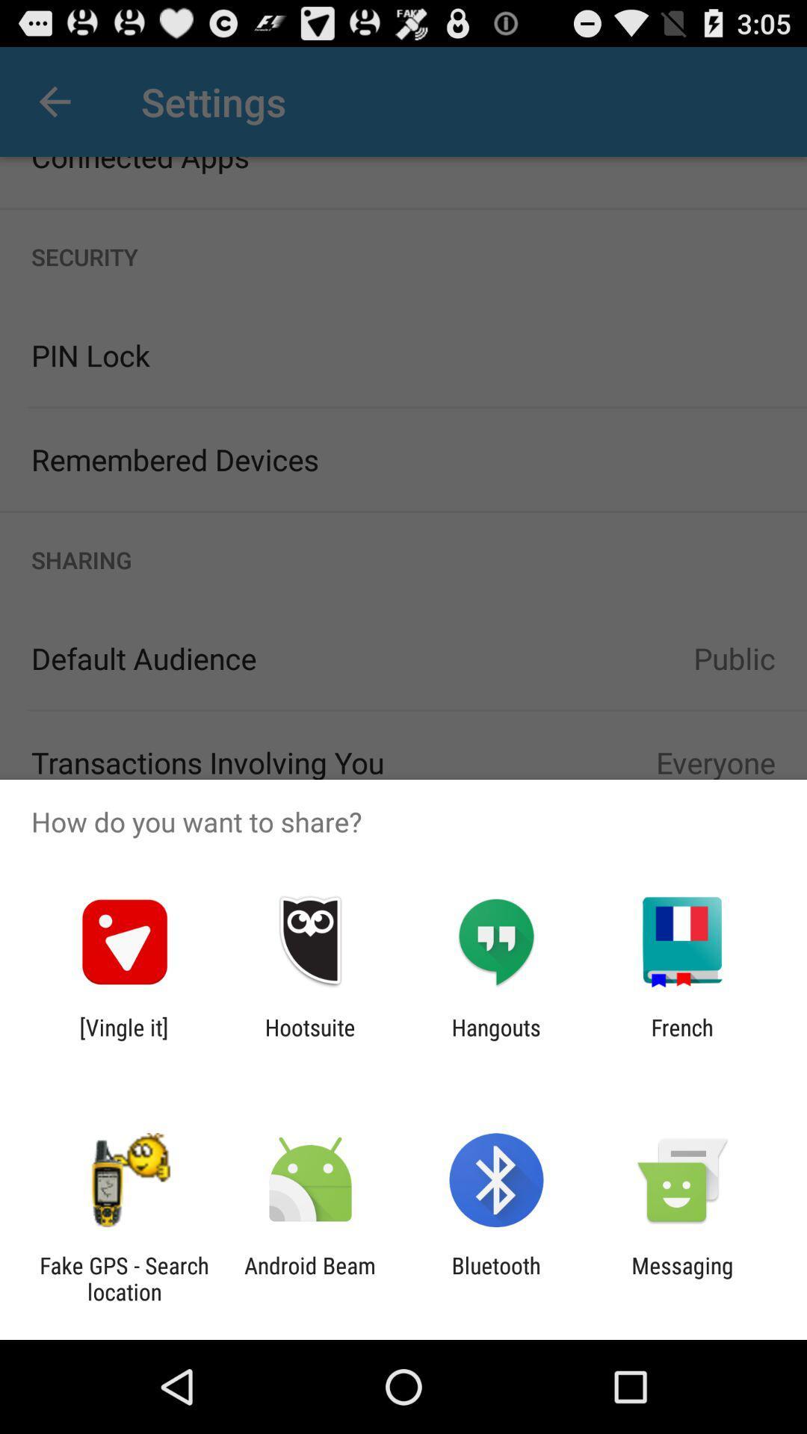 The width and height of the screenshot is (807, 1434). What do you see at coordinates (496, 1278) in the screenshot?
I see `item next to the messaging icon` at bounding box center [496, 1278].